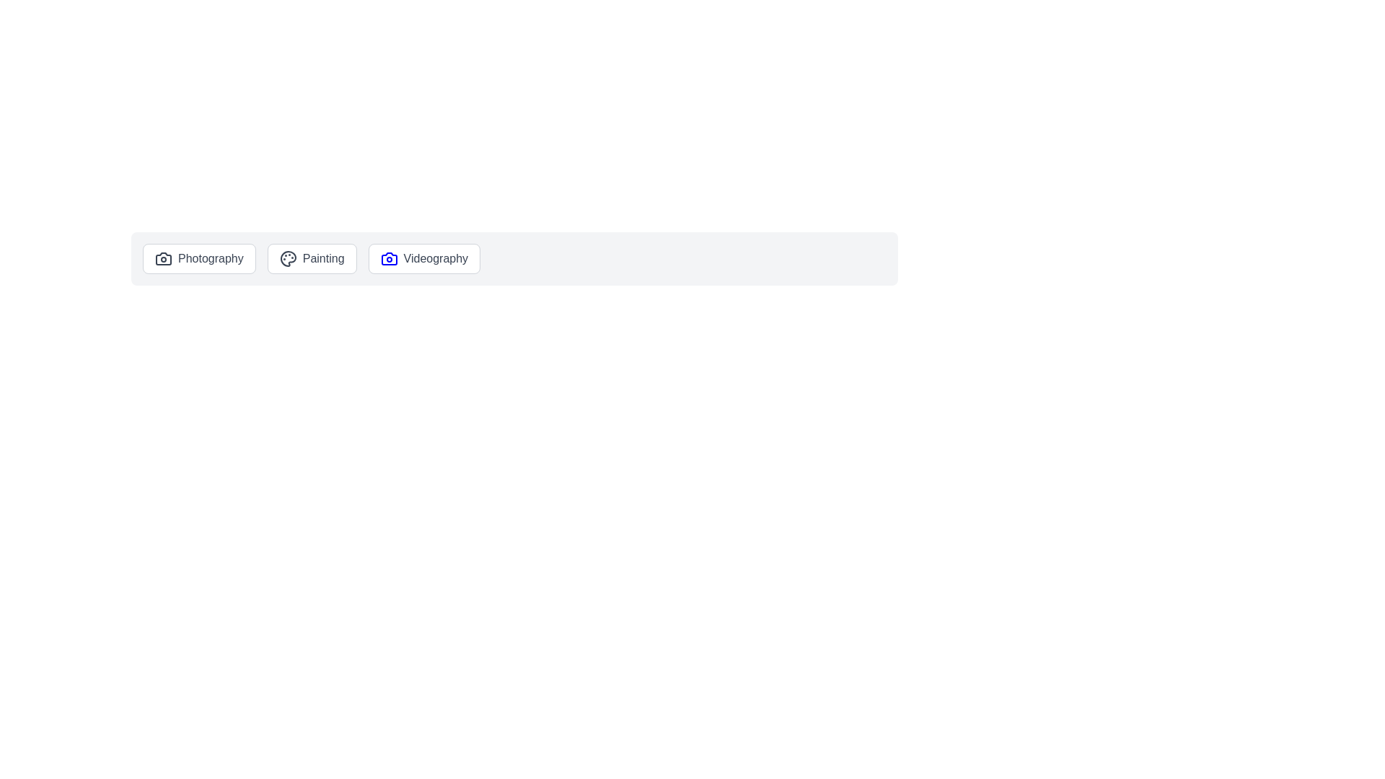  I want to click on the Photography chip to select it, so click(198, 258).